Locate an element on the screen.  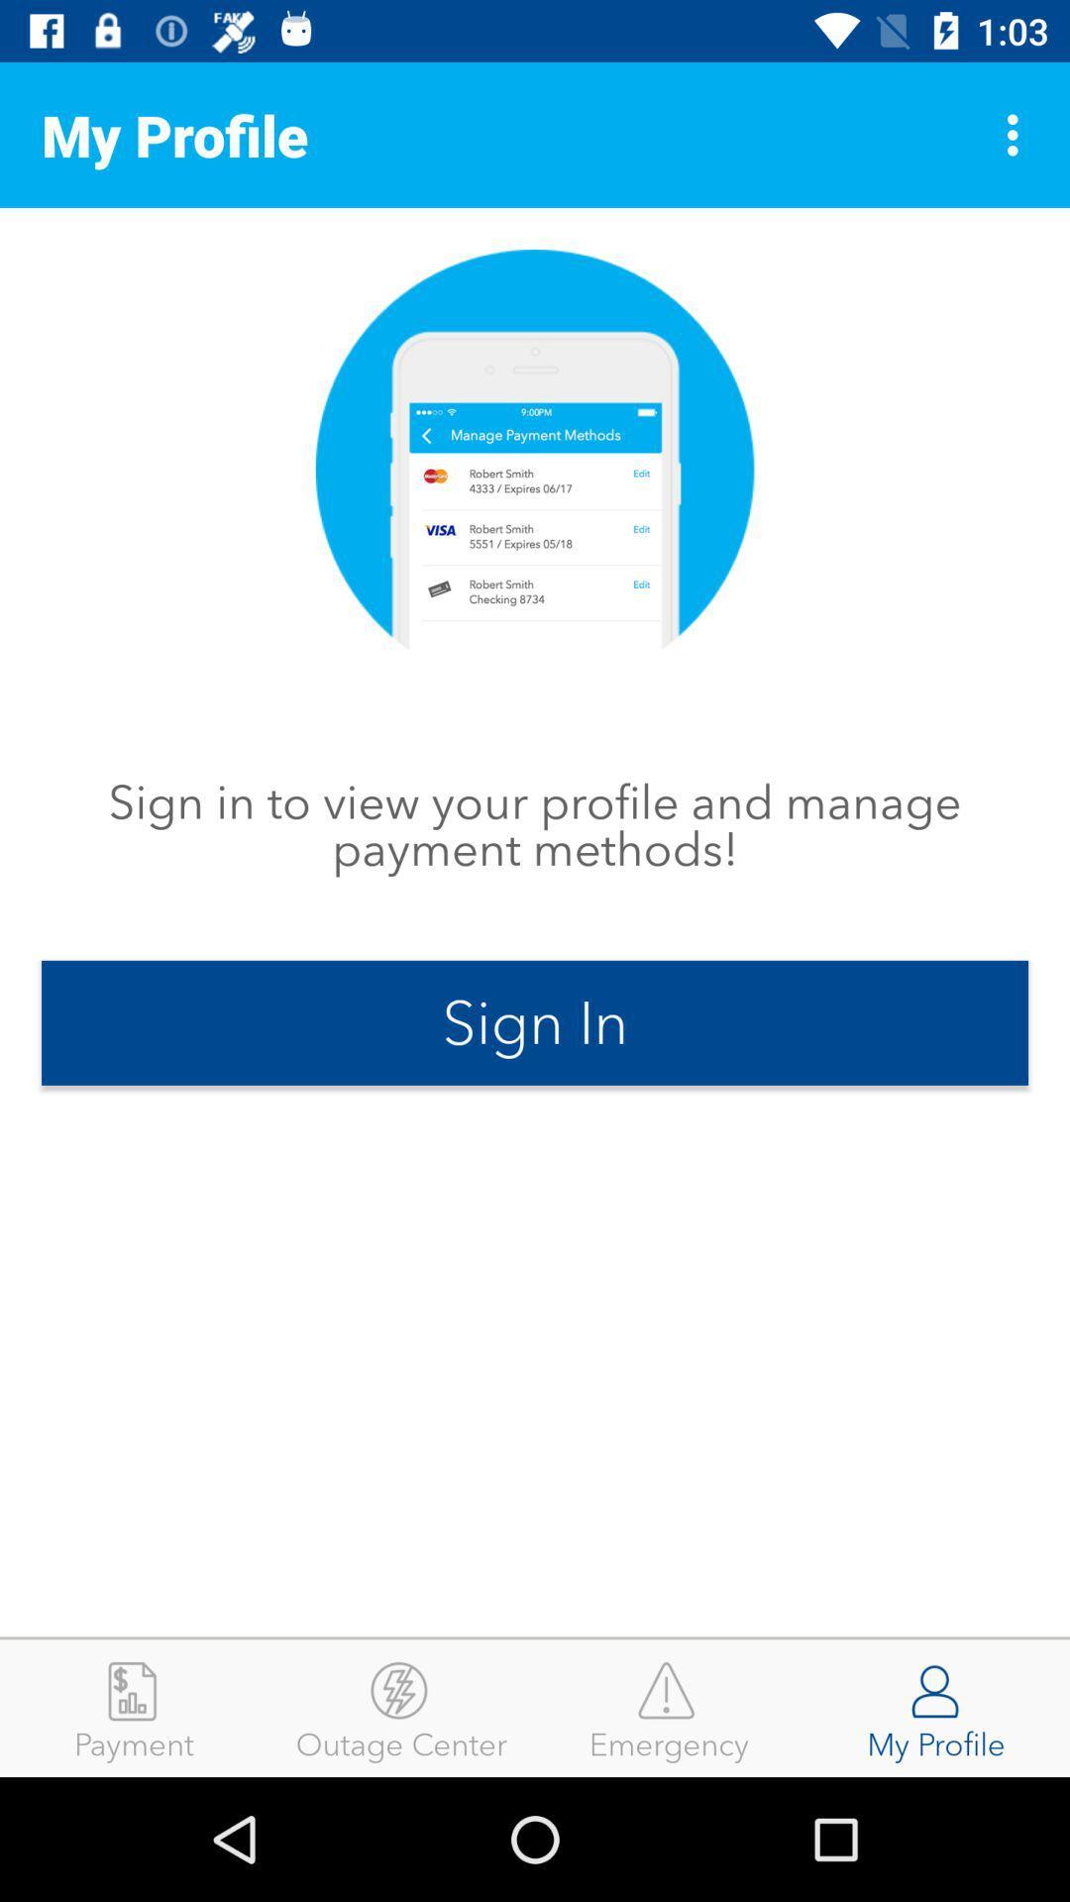
the emergency is located at coordinates (669, 1707).